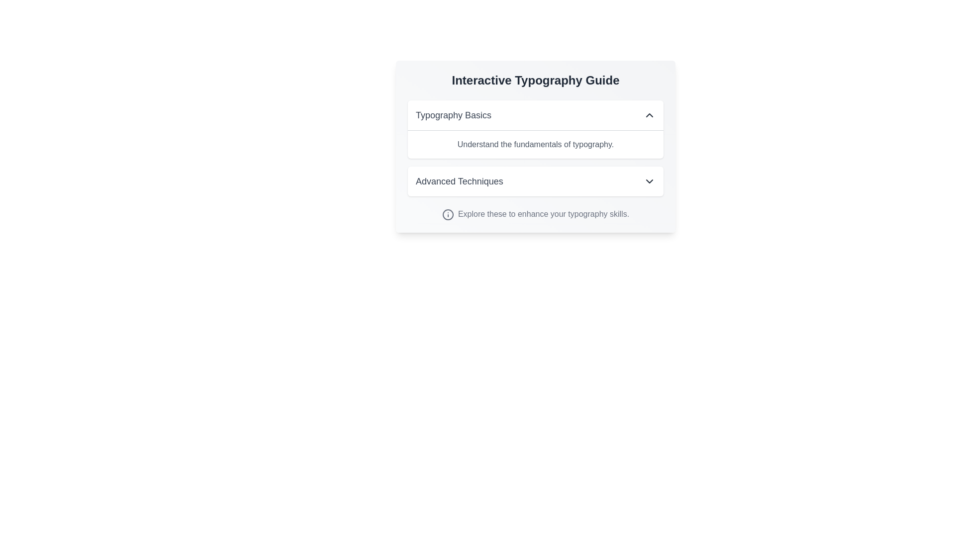 This screenshot has width=955, height=537. What do you see at coordinates (535, 144) in the screenshot?
I see `the text label that contains 'Understand the fundamentals of typography.' which is styled in a gray font within a white background, located below the heading 'Typography Basics'` at bounding box center [535, 144].